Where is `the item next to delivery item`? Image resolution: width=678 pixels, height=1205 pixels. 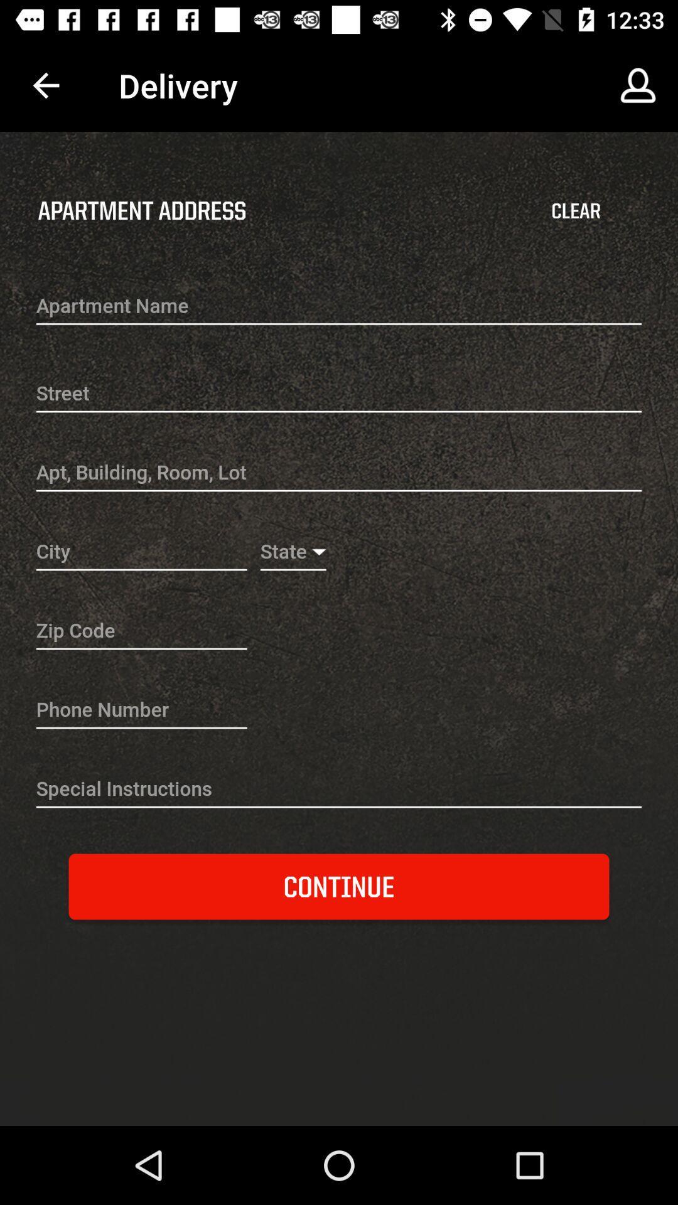 the item next to delivery item is located at coordinates (638, 85).